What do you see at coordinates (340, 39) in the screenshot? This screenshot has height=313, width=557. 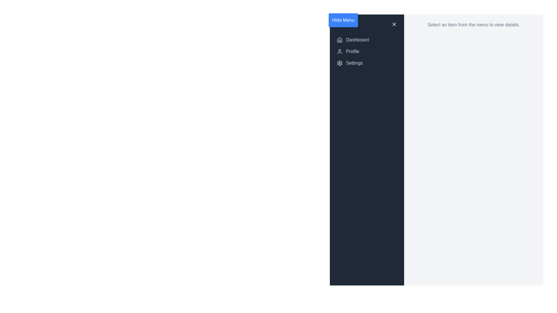 I see `stylized house icon in the left-side navigation menu that corresponds to the 'Dashboard' label using developer tools` at bounding box center [340, 39].